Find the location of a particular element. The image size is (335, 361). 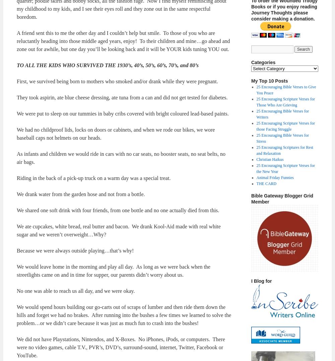

'First, we survived being born to mothers who smoked and/or drank while they were pregnant.' is located at coordinates (117, 81).